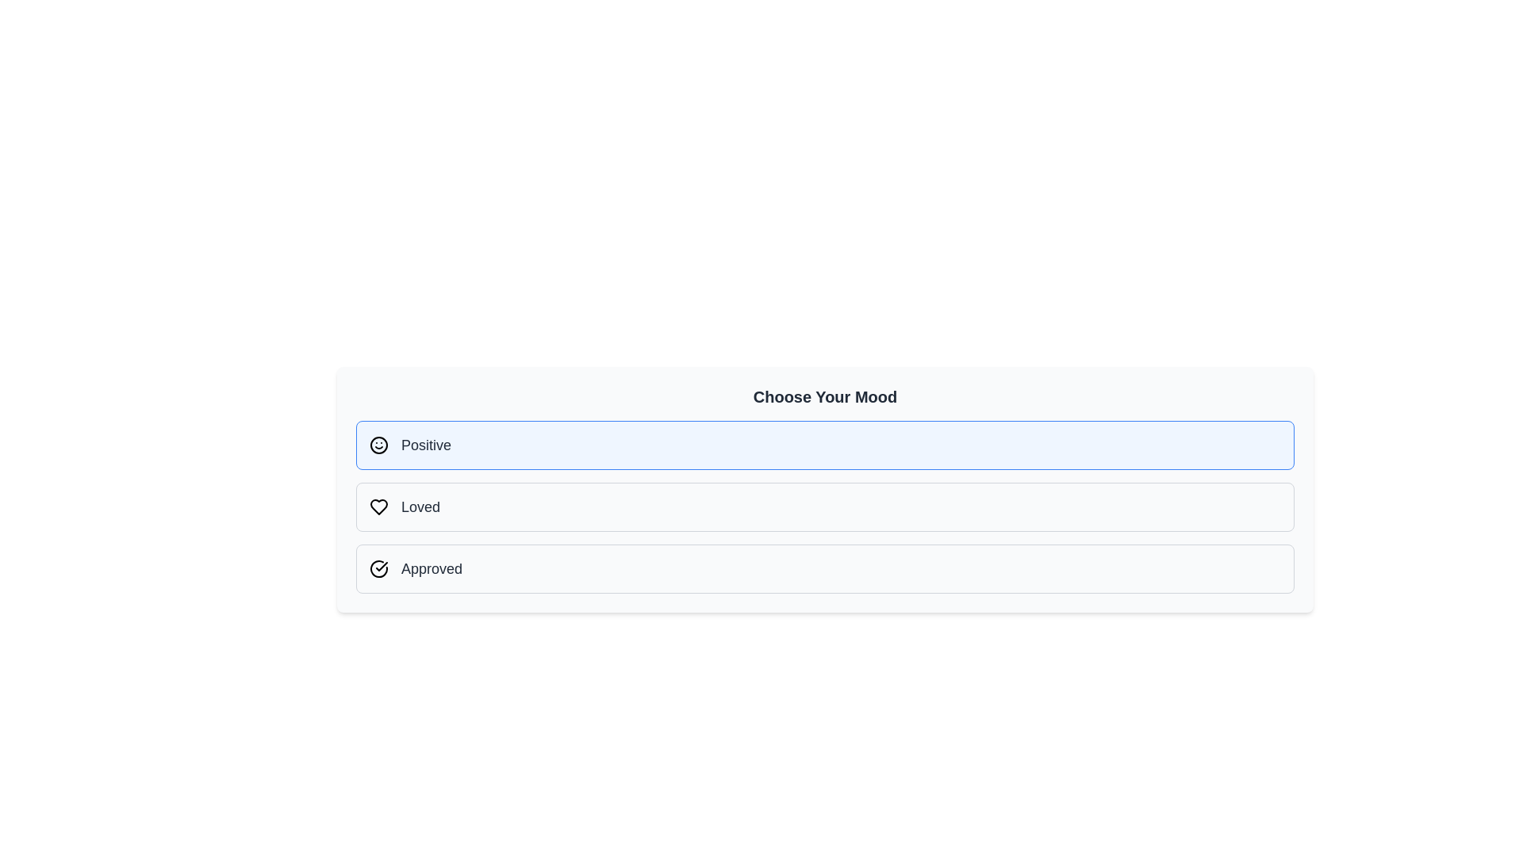 The width and height of the screenshot is (1523, 856). What do you see at coordinates (825, 567) in the screenshot?
I see `the third selectable list item labeled 'Approved'` at bounding box center [825, 567].